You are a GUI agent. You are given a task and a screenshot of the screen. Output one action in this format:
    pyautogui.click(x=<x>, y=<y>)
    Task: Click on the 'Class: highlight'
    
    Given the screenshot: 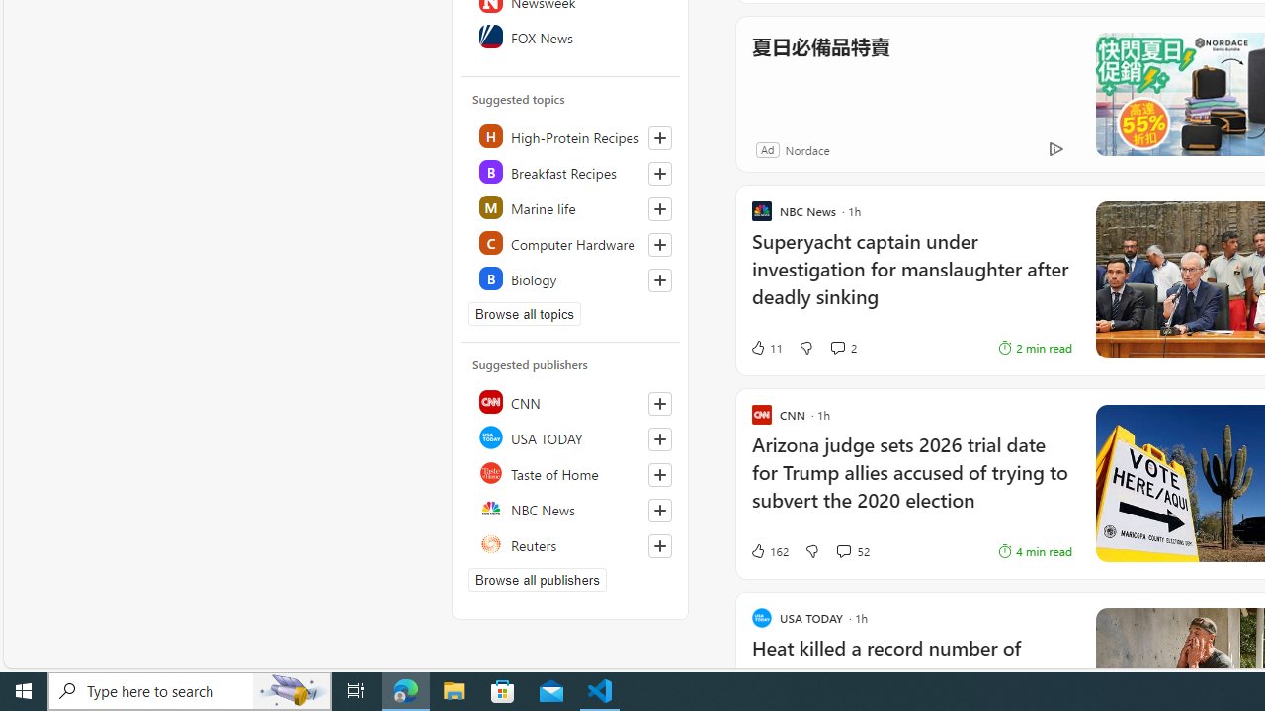 What is the action you would take?
    pyautogui.click(x=570, y=277)
    